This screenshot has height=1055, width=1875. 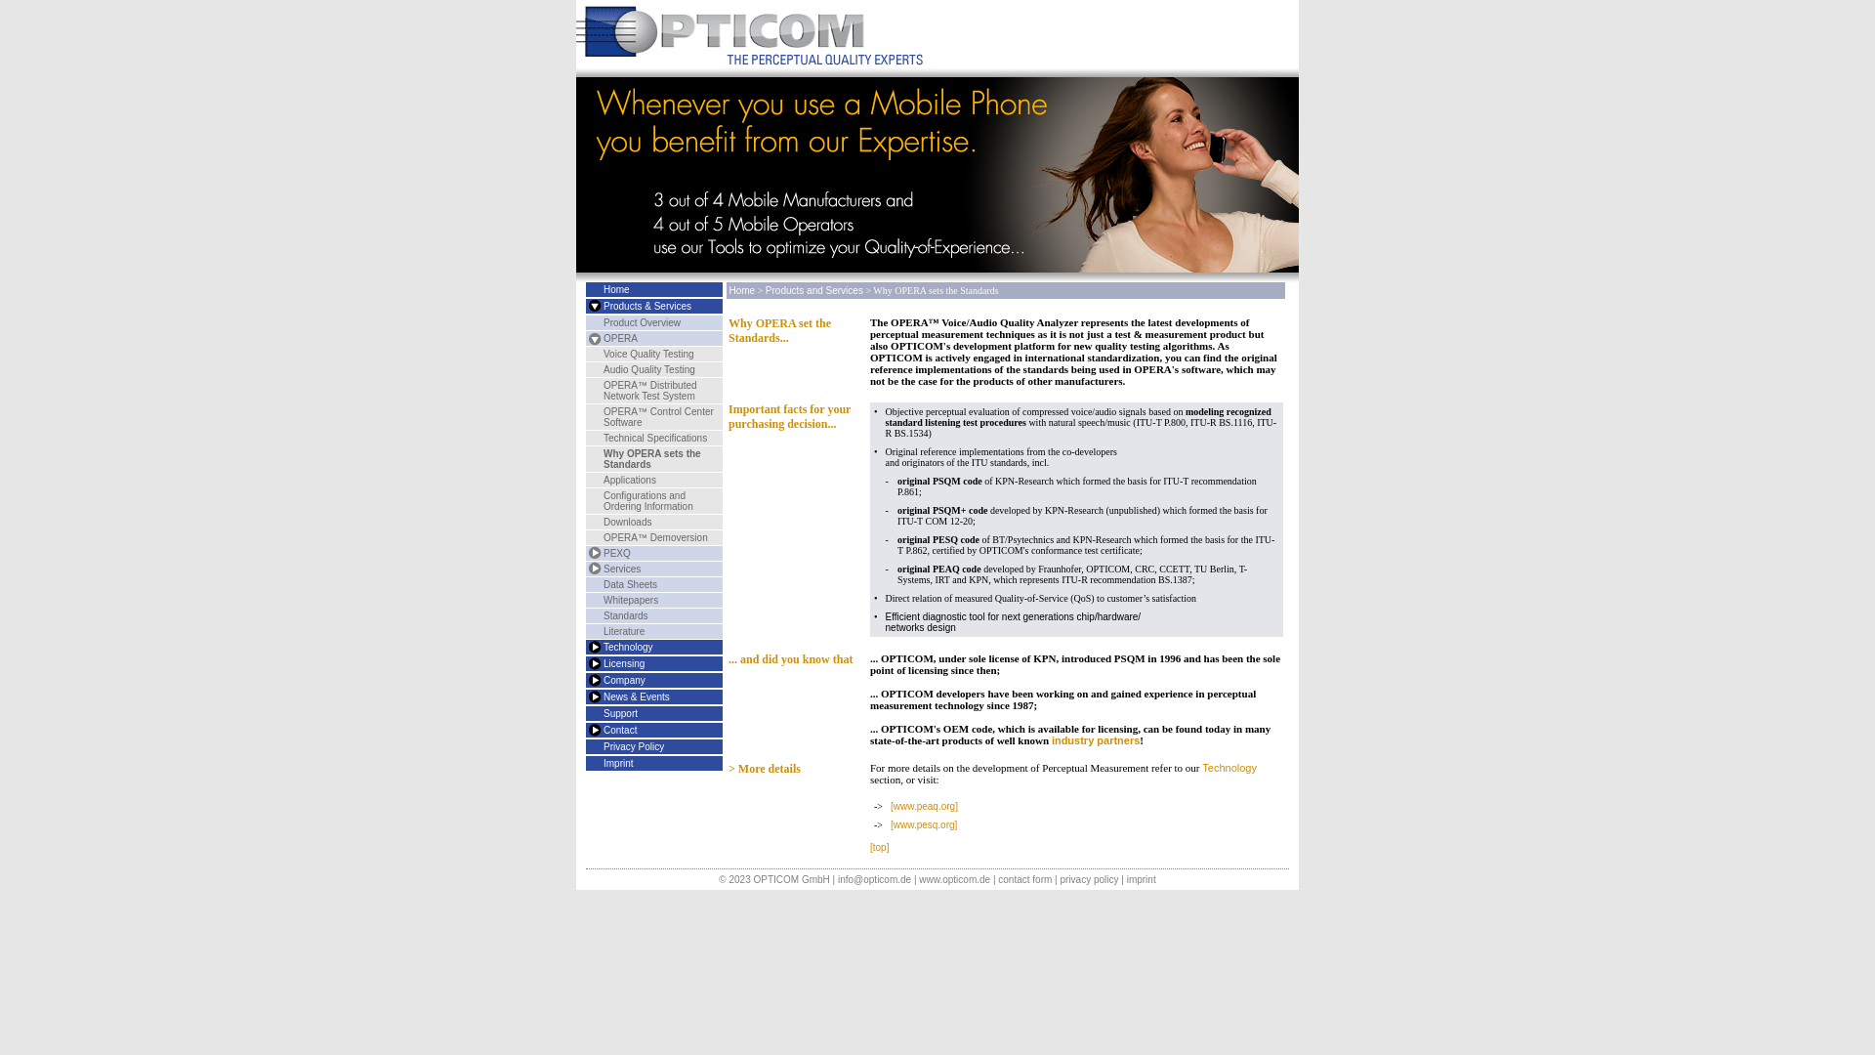 What do you see at coordinates (922, 824) in the screenshot?
I see `'[www.pesq.org]'` at bounding box center [922, 824].